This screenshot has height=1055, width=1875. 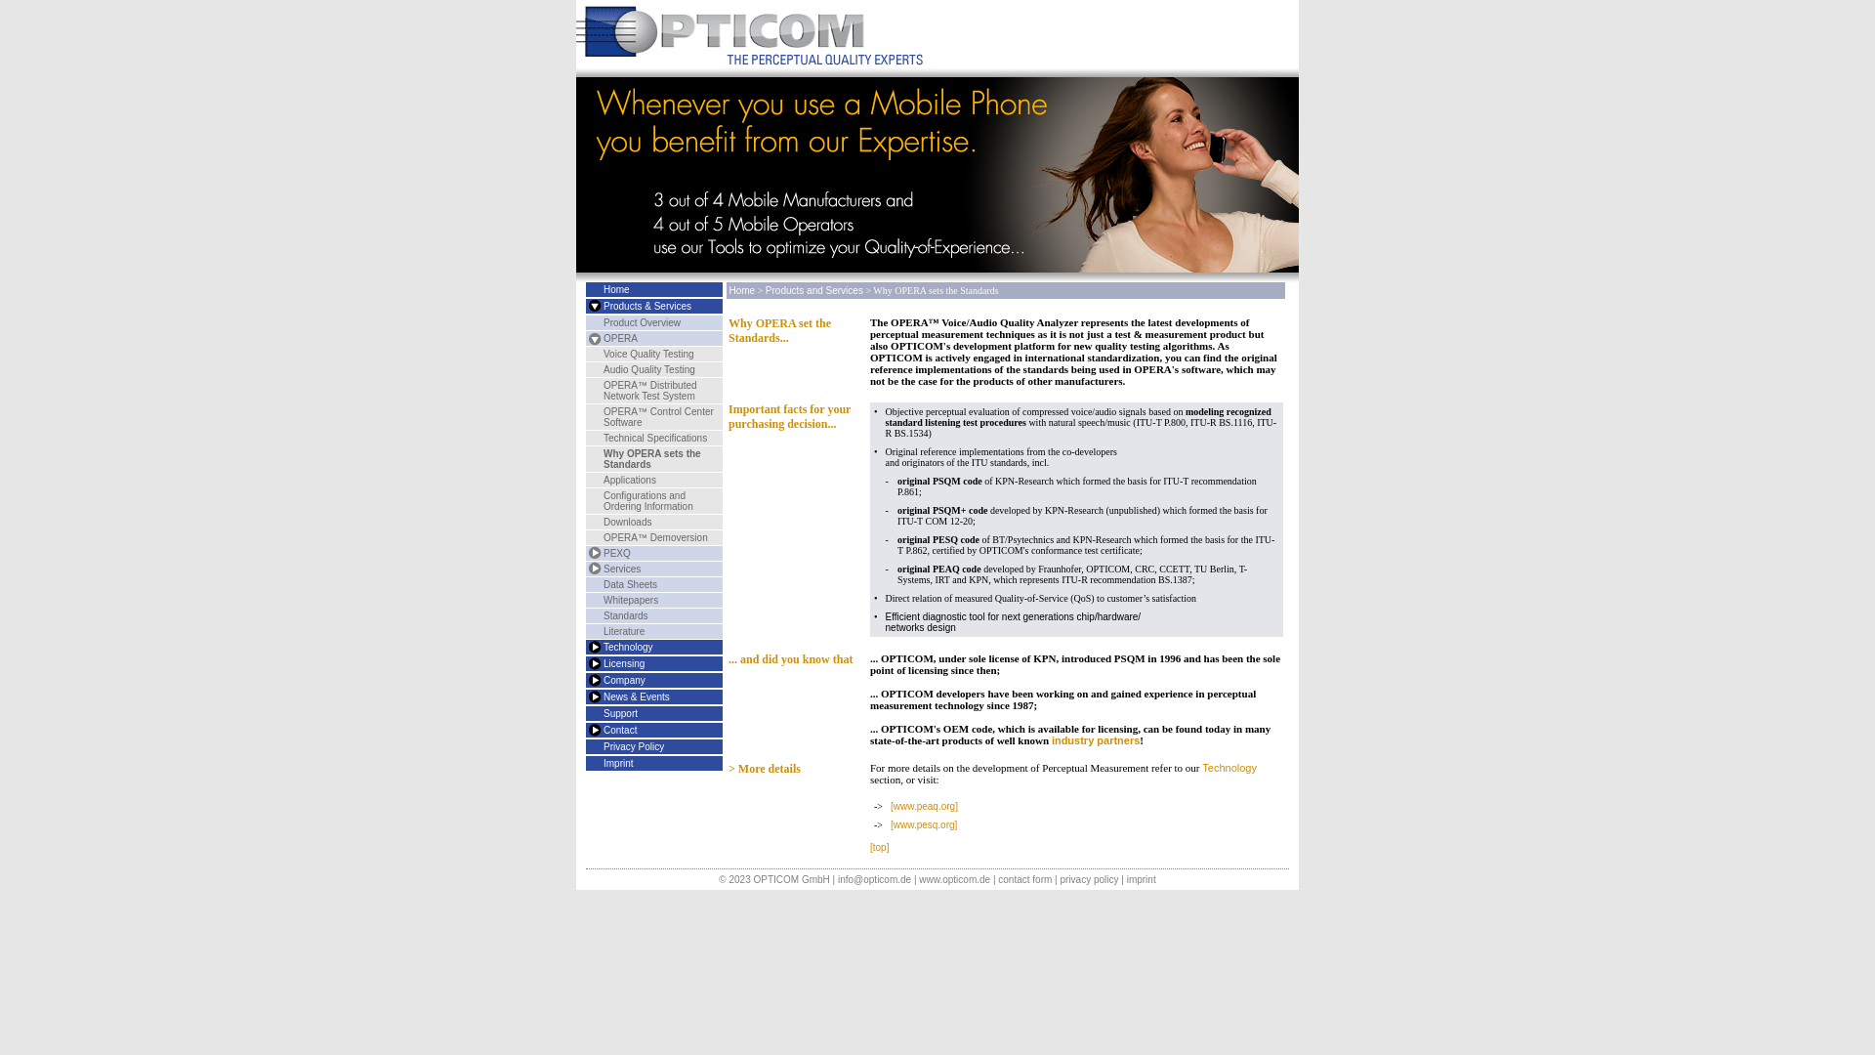 What do you see at coordinates (922, 824) in the screenshot?
I see `'[www.pesq.org]'` at bounding box center [922, 824].